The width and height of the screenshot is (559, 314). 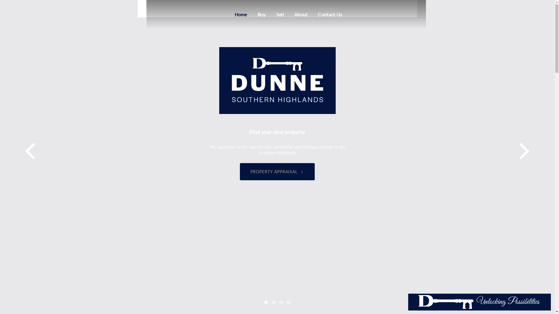 What do you see at coordinates (280, 14) in the screenshot?
I see `'Sell'` at bounding box center [280, 14].